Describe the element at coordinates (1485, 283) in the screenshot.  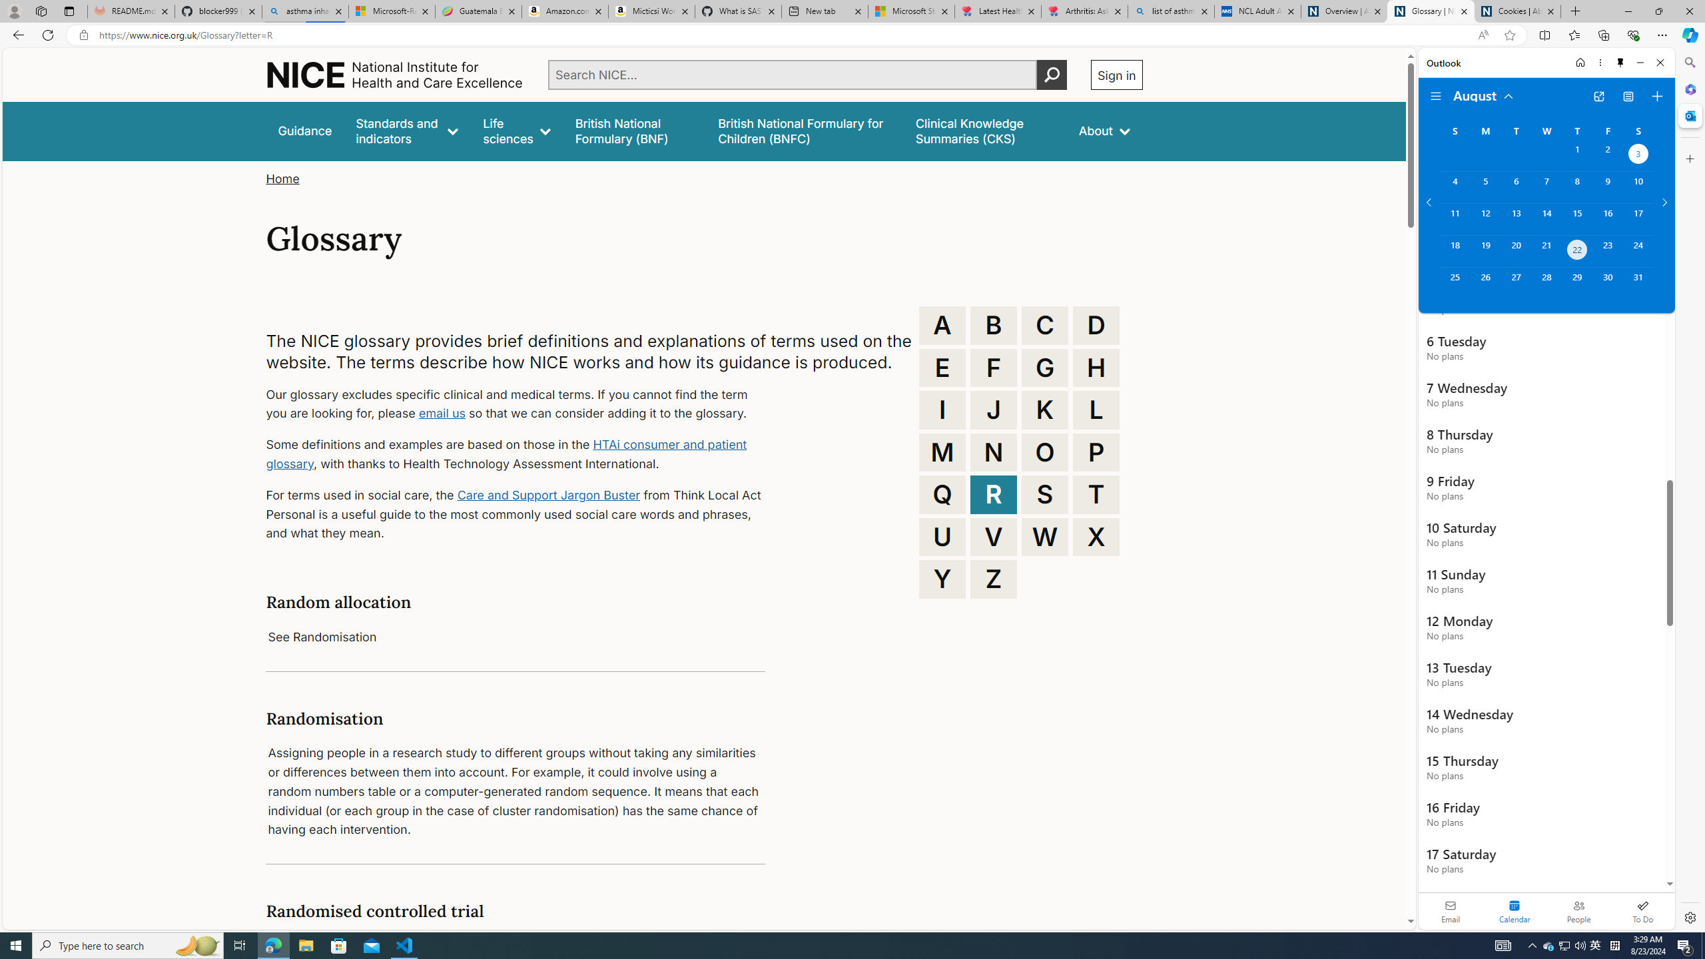
I see `'Monday, August 26, 2024. '` at that location.